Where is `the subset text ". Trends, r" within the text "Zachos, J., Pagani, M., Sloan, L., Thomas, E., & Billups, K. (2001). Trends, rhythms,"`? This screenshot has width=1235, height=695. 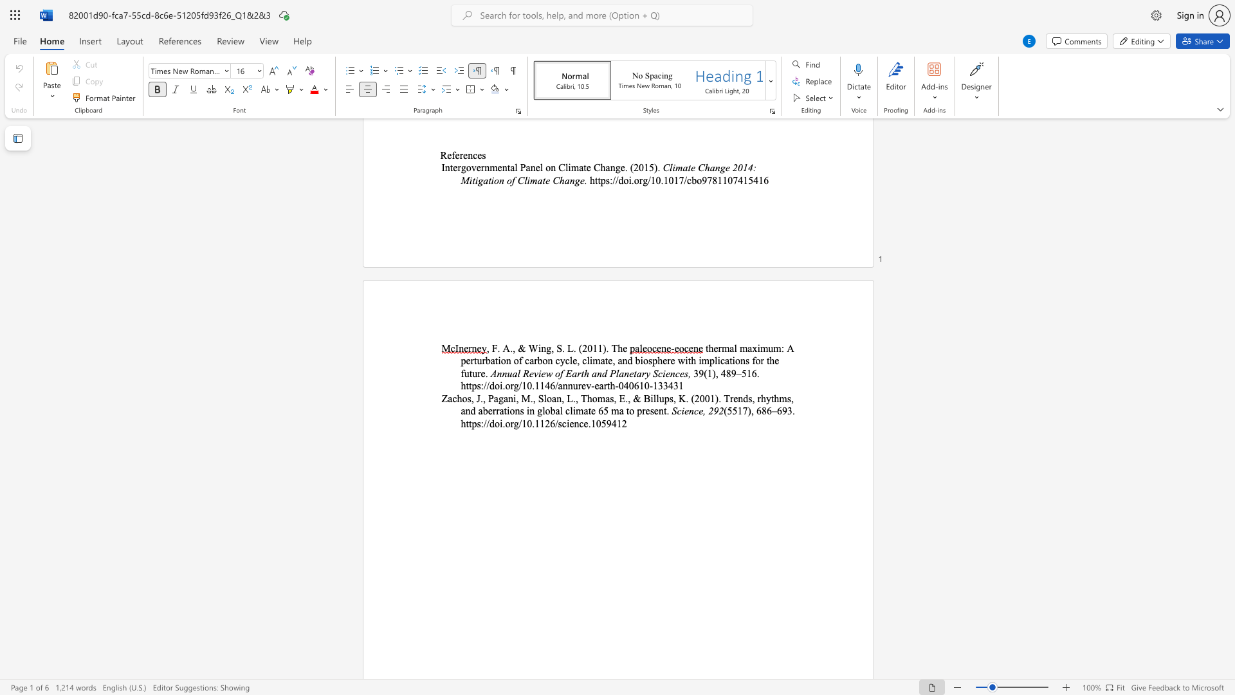 the subset text ". Trends, r" within the text "Zachos, J., Pagani, M., Sloan, L., Thomas, E., & Billups, K. (2001). Trends, rhythms," is located at coordinates (718, 398).